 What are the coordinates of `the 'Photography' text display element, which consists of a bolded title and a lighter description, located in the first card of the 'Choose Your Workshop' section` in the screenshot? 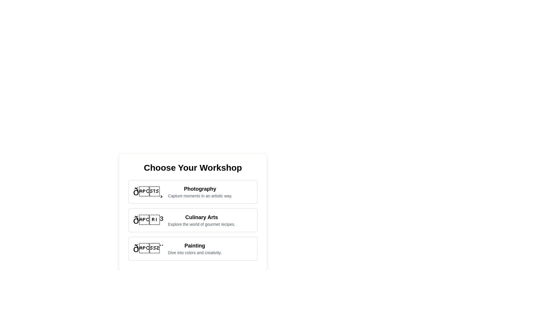 It's located at (200, 192).